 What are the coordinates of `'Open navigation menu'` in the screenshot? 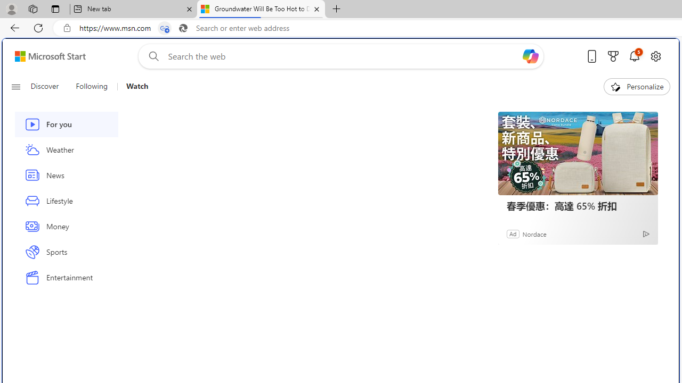 It's located at (15, 86).